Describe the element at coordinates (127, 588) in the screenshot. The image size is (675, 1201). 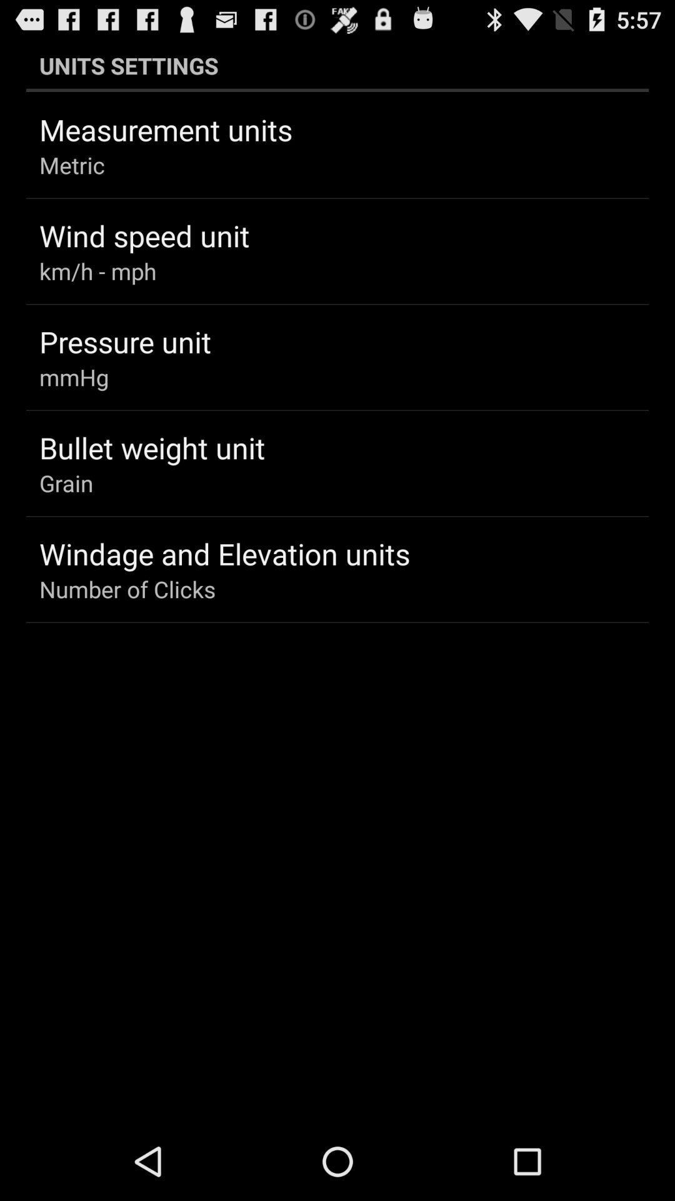
I see `number of clicks app` at that location.